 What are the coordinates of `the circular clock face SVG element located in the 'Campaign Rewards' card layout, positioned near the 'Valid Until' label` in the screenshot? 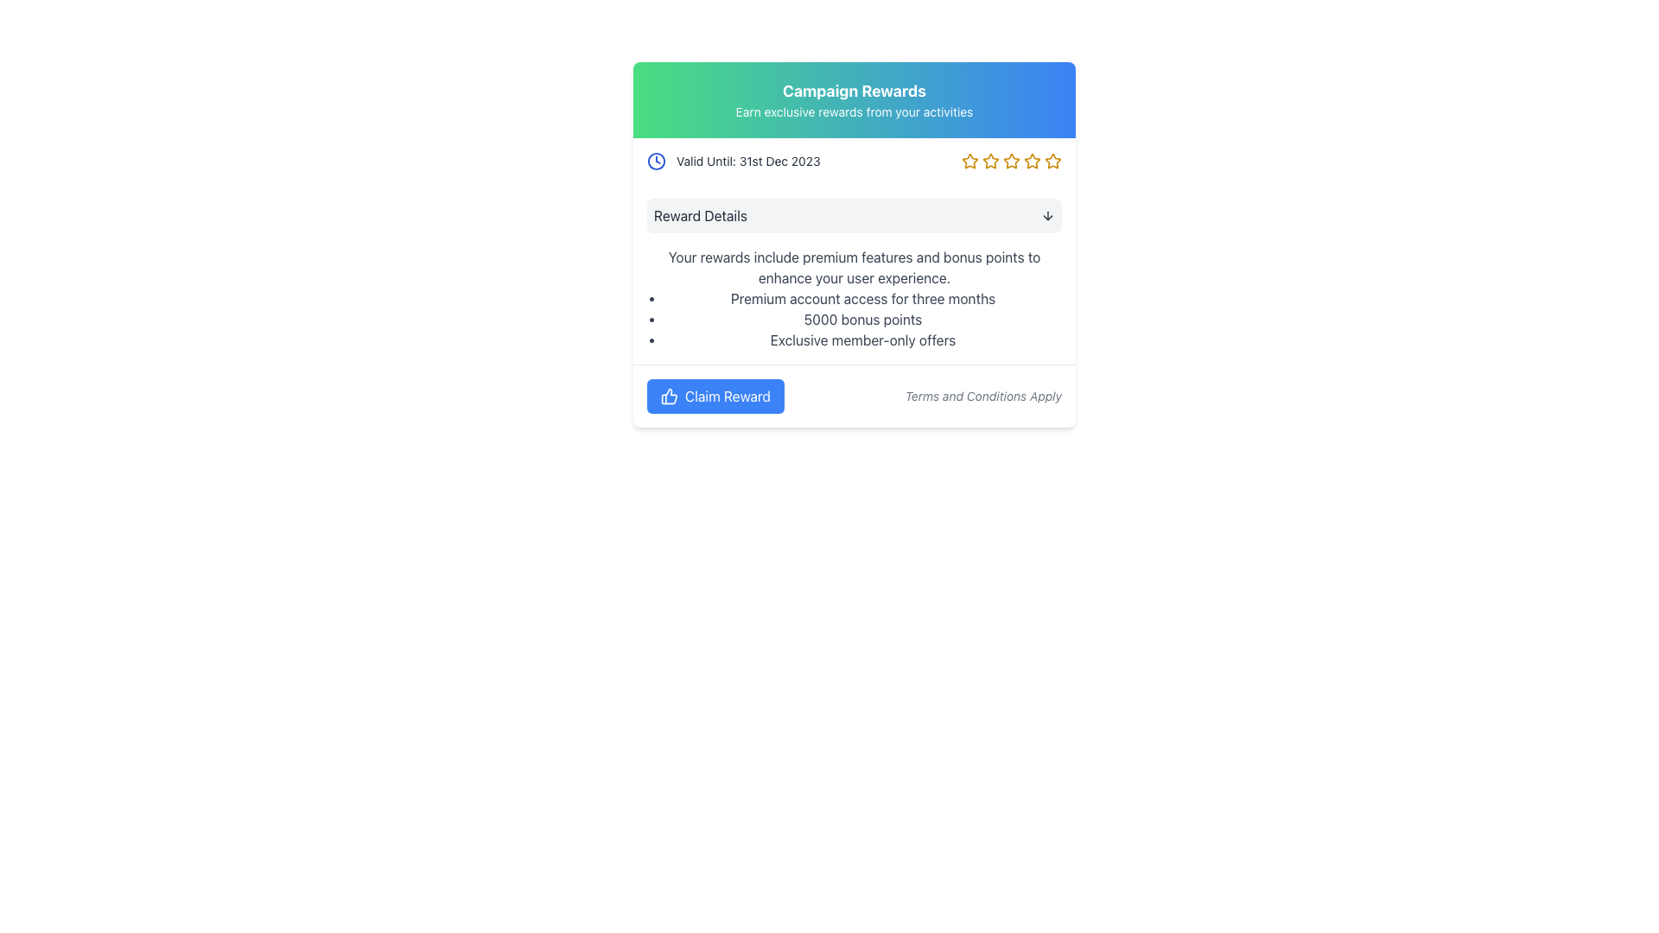 It's located at (655, 161).